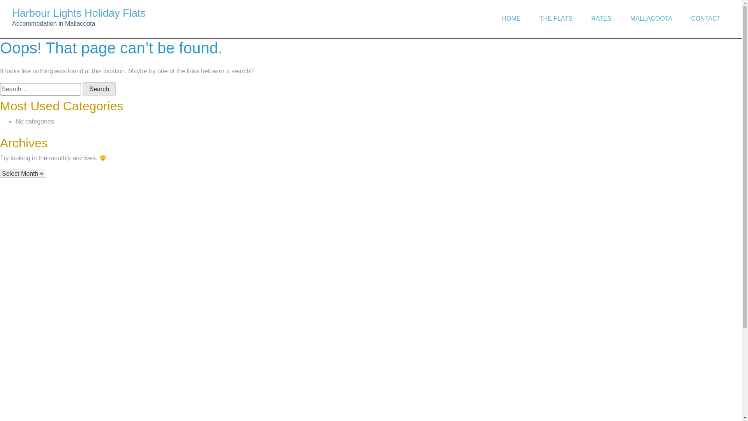 The width and height of the screenshot is (748, 421). I want to click on 'Harbour Lights Holiday Flats', so click(79, 13).